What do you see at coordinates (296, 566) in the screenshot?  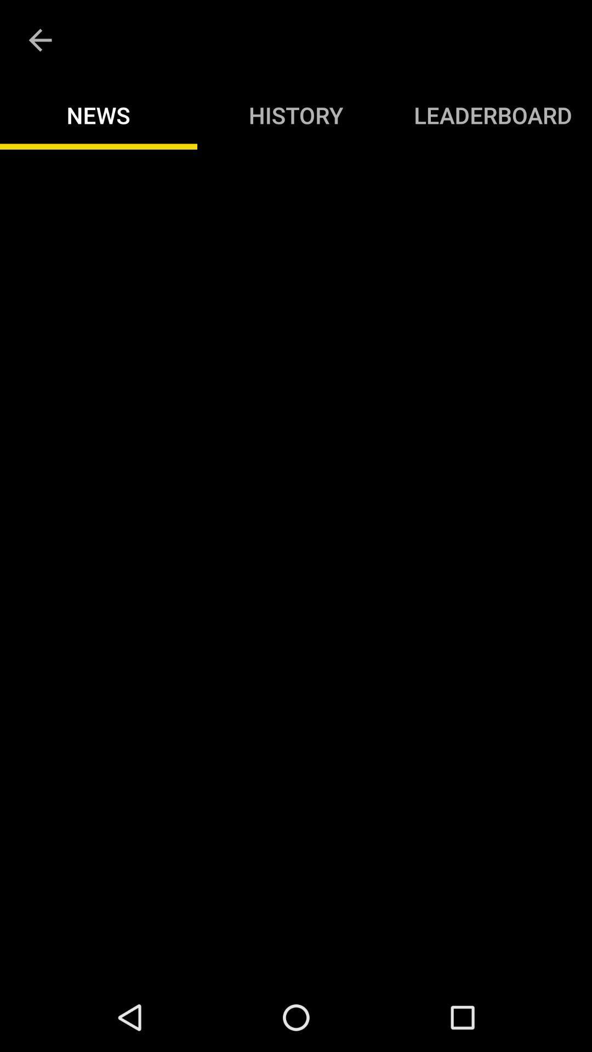 I see `adventisment page` at bounding box center [296, 566].